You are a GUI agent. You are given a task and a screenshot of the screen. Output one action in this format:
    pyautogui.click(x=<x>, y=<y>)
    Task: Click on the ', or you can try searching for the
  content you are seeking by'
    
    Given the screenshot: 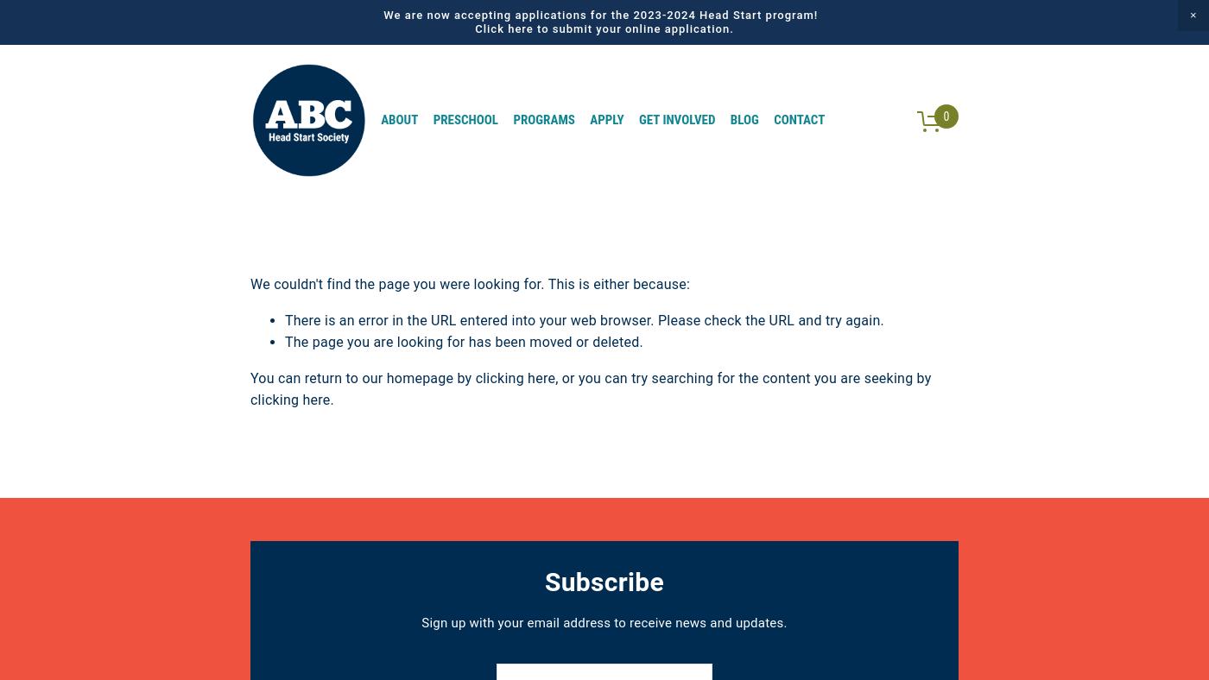 What is the action you would take?
    pyautogui.click(x=743, y=376)
    